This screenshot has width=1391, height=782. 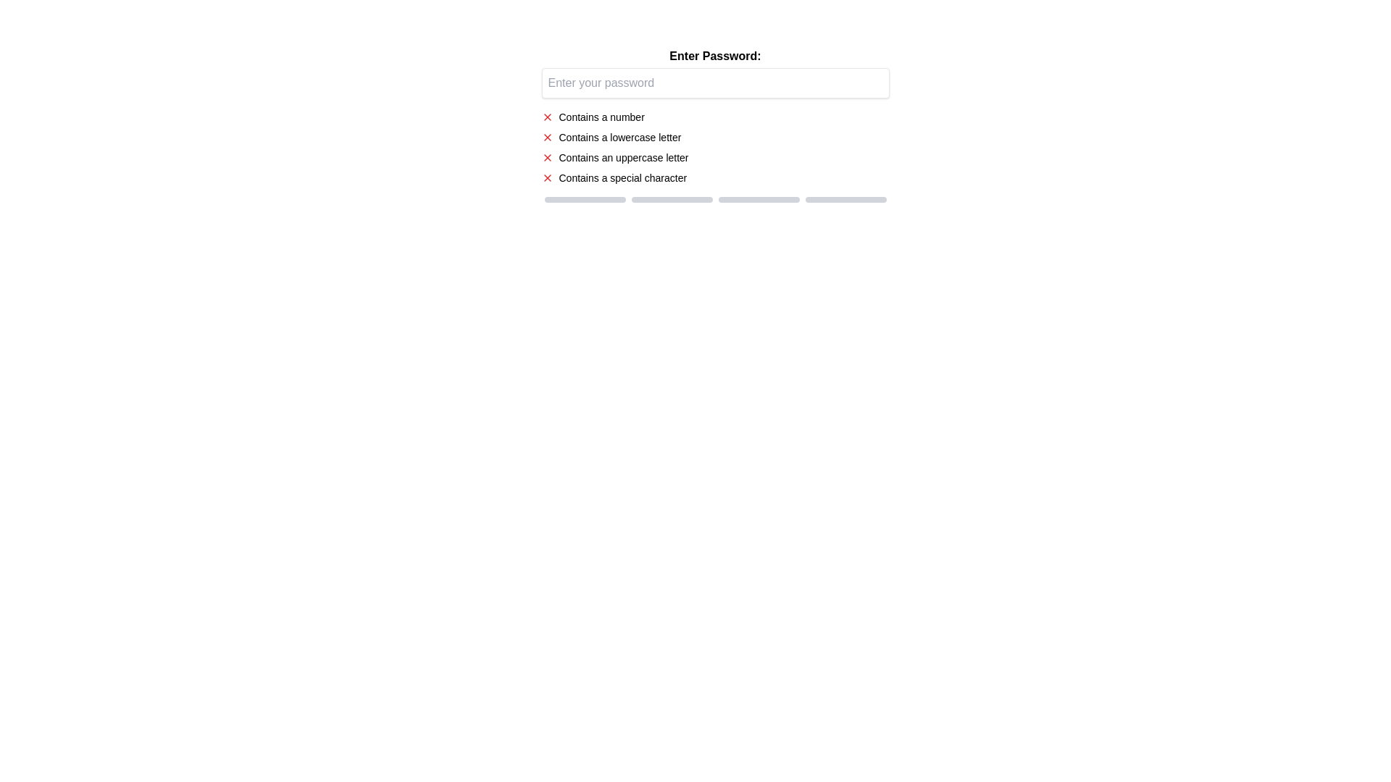 What do you see at coordinates (715, 55) in the screenshot?
I see `text of the label that indicates the expected input for the password field, positioned above the password input text field` at bounding box center [715, 55].